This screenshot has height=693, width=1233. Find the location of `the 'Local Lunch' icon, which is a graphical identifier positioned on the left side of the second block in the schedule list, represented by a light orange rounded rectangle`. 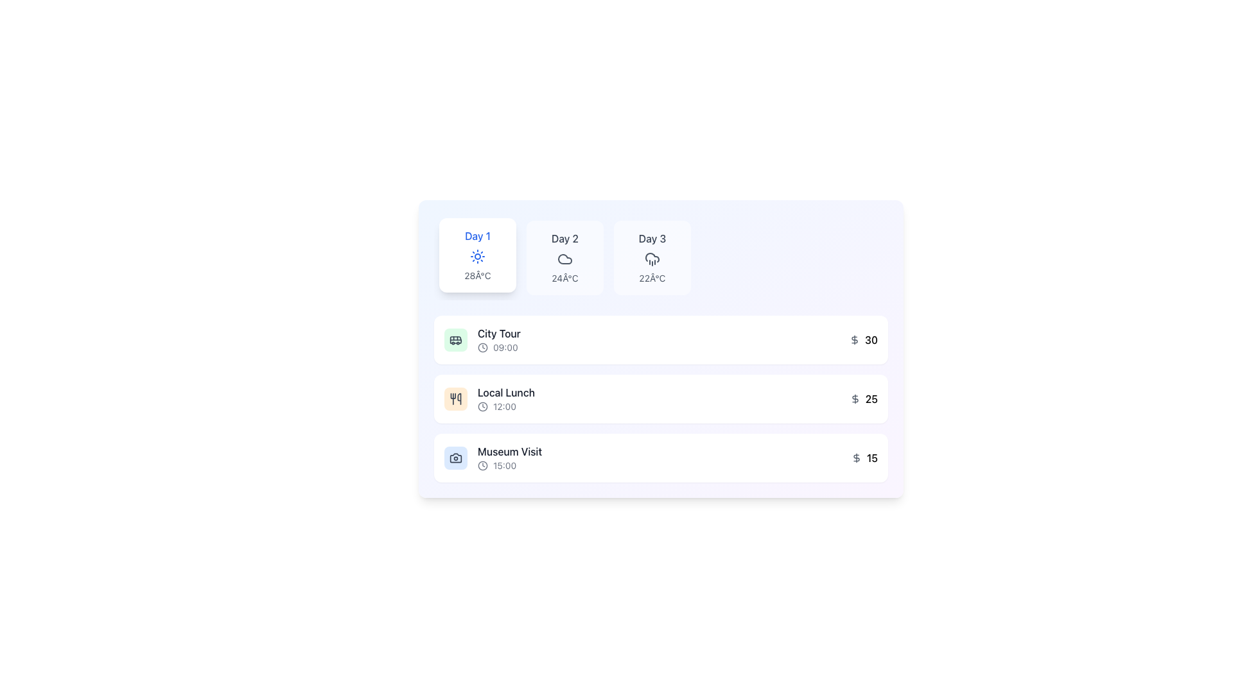

the 'Local Lunch' icon, which is a graphical identifier positioned on the left side of the second block in the schedule list, represented by a light orange rounded rectangle is located at coordinates (456, 398).